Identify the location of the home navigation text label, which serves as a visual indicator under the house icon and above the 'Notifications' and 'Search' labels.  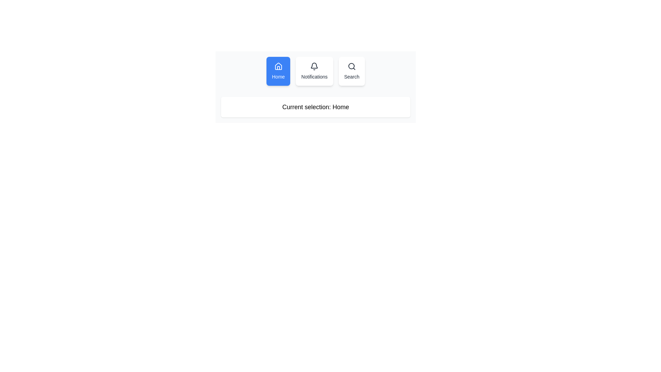
(278, 77).